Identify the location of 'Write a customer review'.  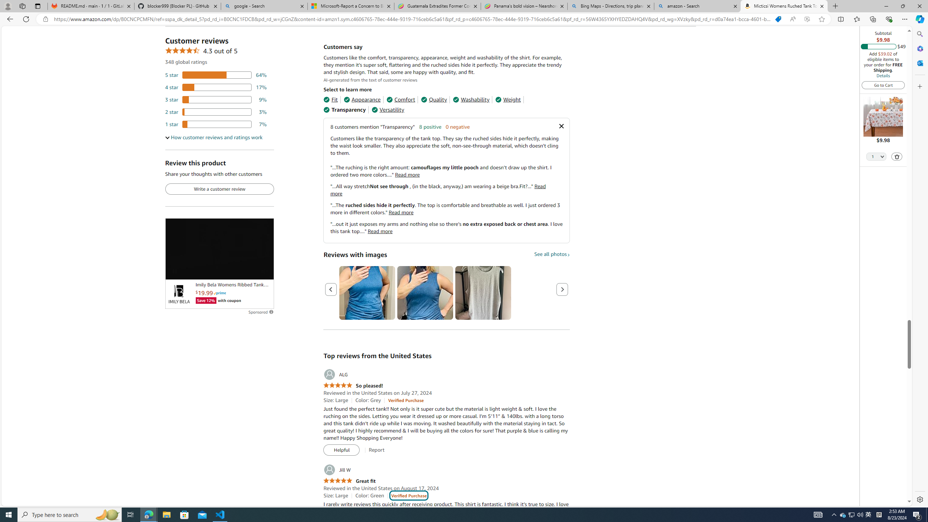
(219, 189).